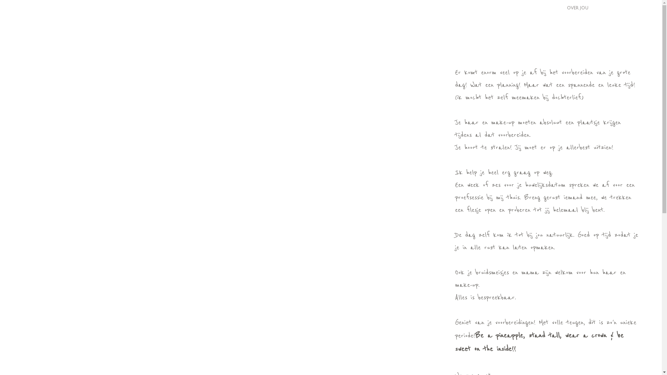 The height and width of the screenshot is (375, 667). What do you see at coordinates (598, 8) in the screenshot?
I see `'STELLA BLOOM.'` at bounding box center [598, 8].